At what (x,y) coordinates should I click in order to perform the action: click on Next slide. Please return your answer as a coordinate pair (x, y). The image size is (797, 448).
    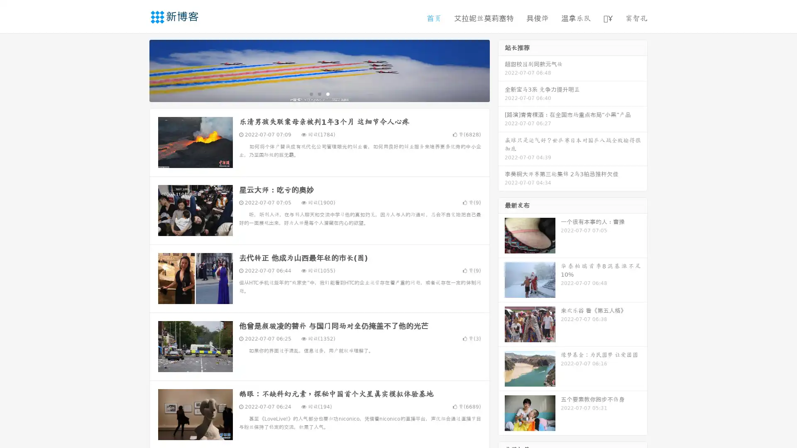
    Looking at the image, I should click on (501, 70).